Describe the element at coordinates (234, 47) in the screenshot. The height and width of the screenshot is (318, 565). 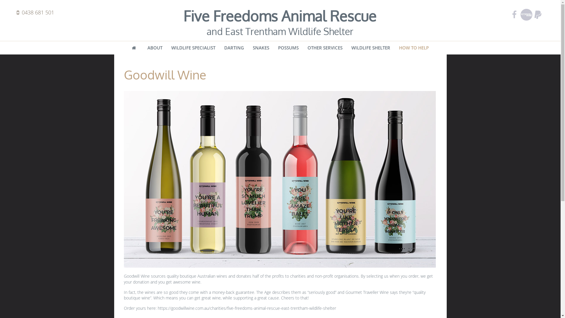
I see `'DARTING'` at that location.